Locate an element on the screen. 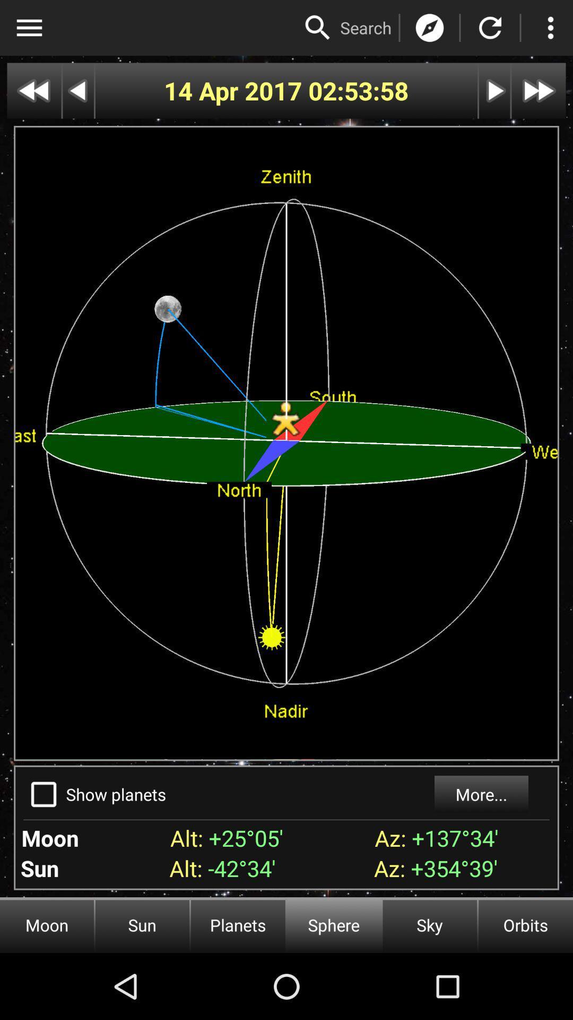  options menu is located at coordinates (29, 28).